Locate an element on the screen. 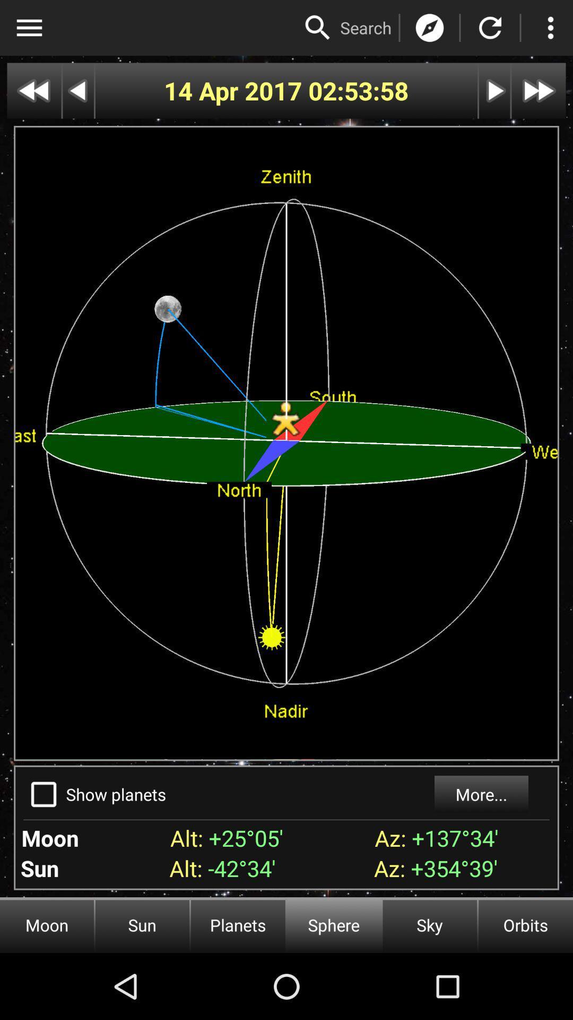  options menu is located at coordinates (29, 28).